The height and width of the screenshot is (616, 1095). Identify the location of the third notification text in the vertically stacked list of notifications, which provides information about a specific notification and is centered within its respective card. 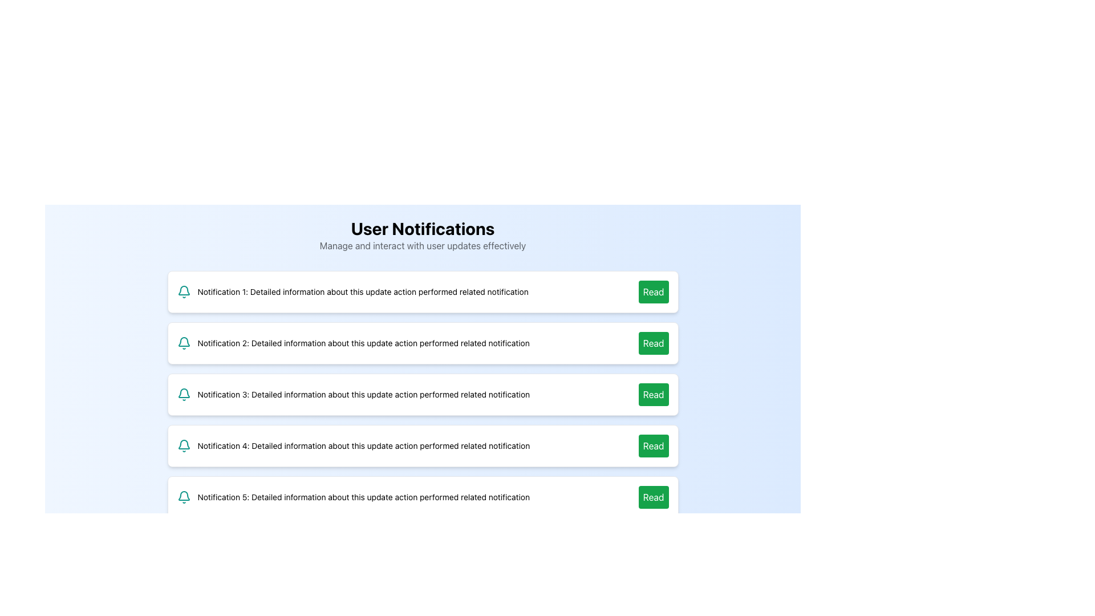
(363, 394).